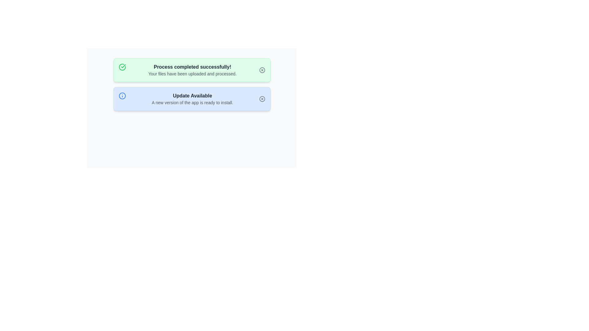  What do you see at coordinates (262, 70) in the screenshot?
I see `the close button on the right side of the notification box with a green background that indicates 'Process completed successfully!'` at bounding box center [262, 70].